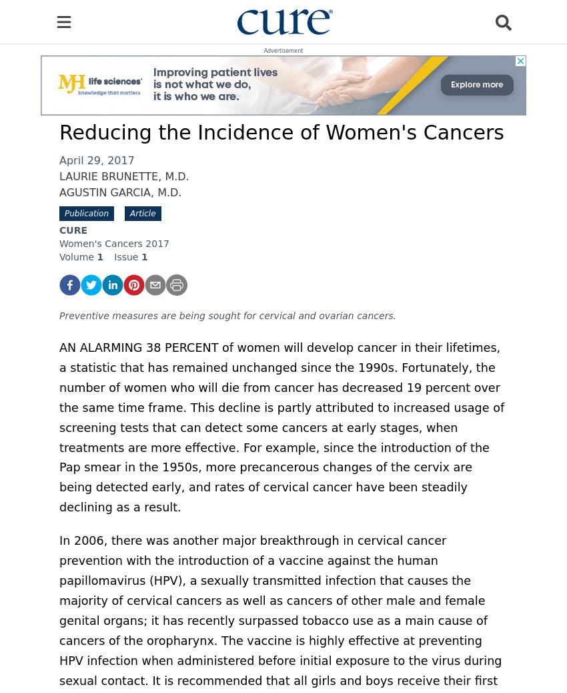 This screenshot has height=693, width=567. Describe the element at coordinates (86, 214) in the screenshot. I see `'Publication'` at that location.